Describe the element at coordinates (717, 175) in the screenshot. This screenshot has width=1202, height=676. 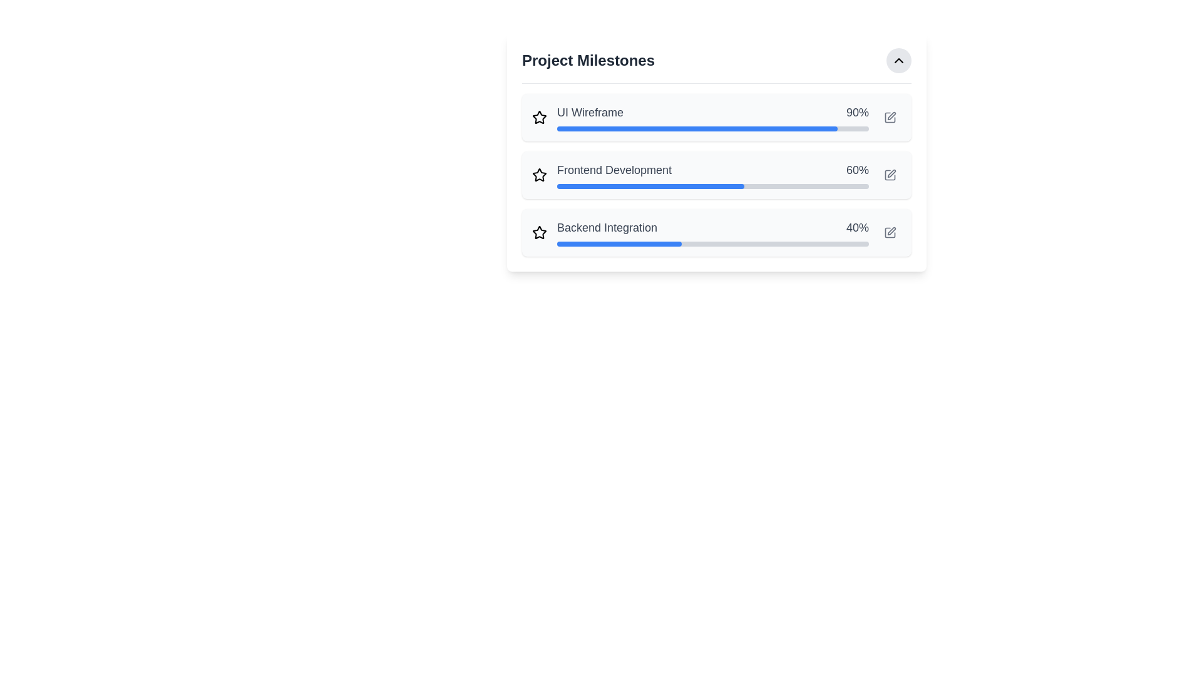
I see `the second milestone card in the project tracking UI` at that location.